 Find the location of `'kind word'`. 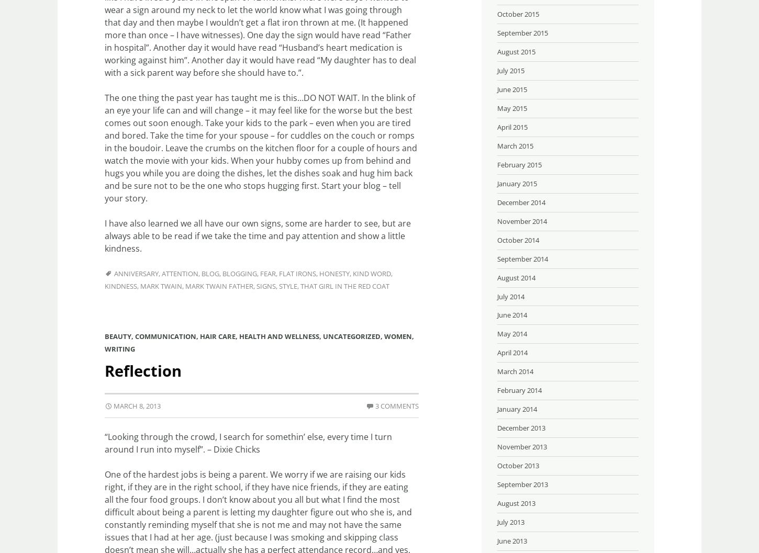

'kind word' is located at coordinates (371, 274).